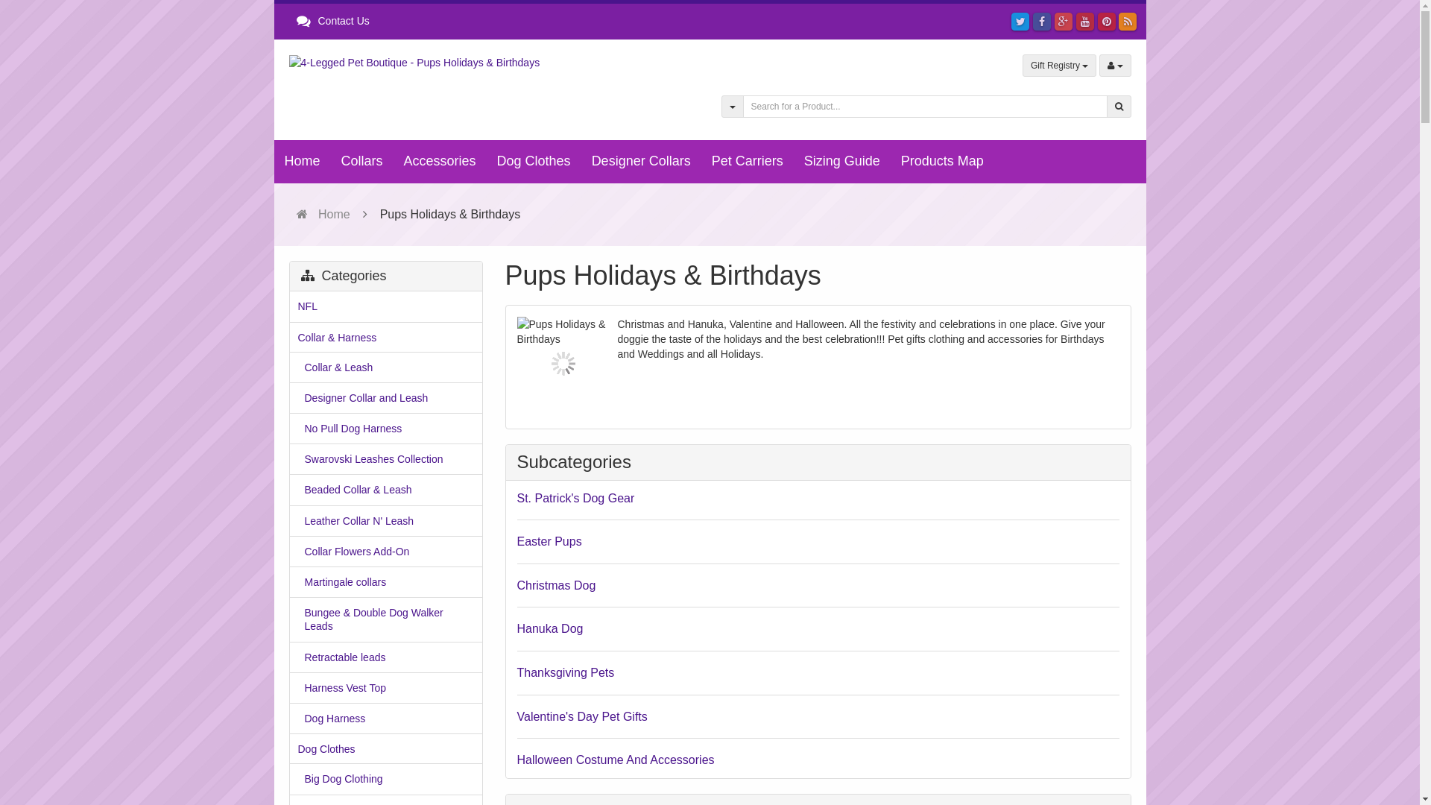 This screenshot has width=1431, height=805. What do you see at coordinates (1009, 22) in the screenshot?
I see `'Twitter'` at bounding box center [1009, 22].